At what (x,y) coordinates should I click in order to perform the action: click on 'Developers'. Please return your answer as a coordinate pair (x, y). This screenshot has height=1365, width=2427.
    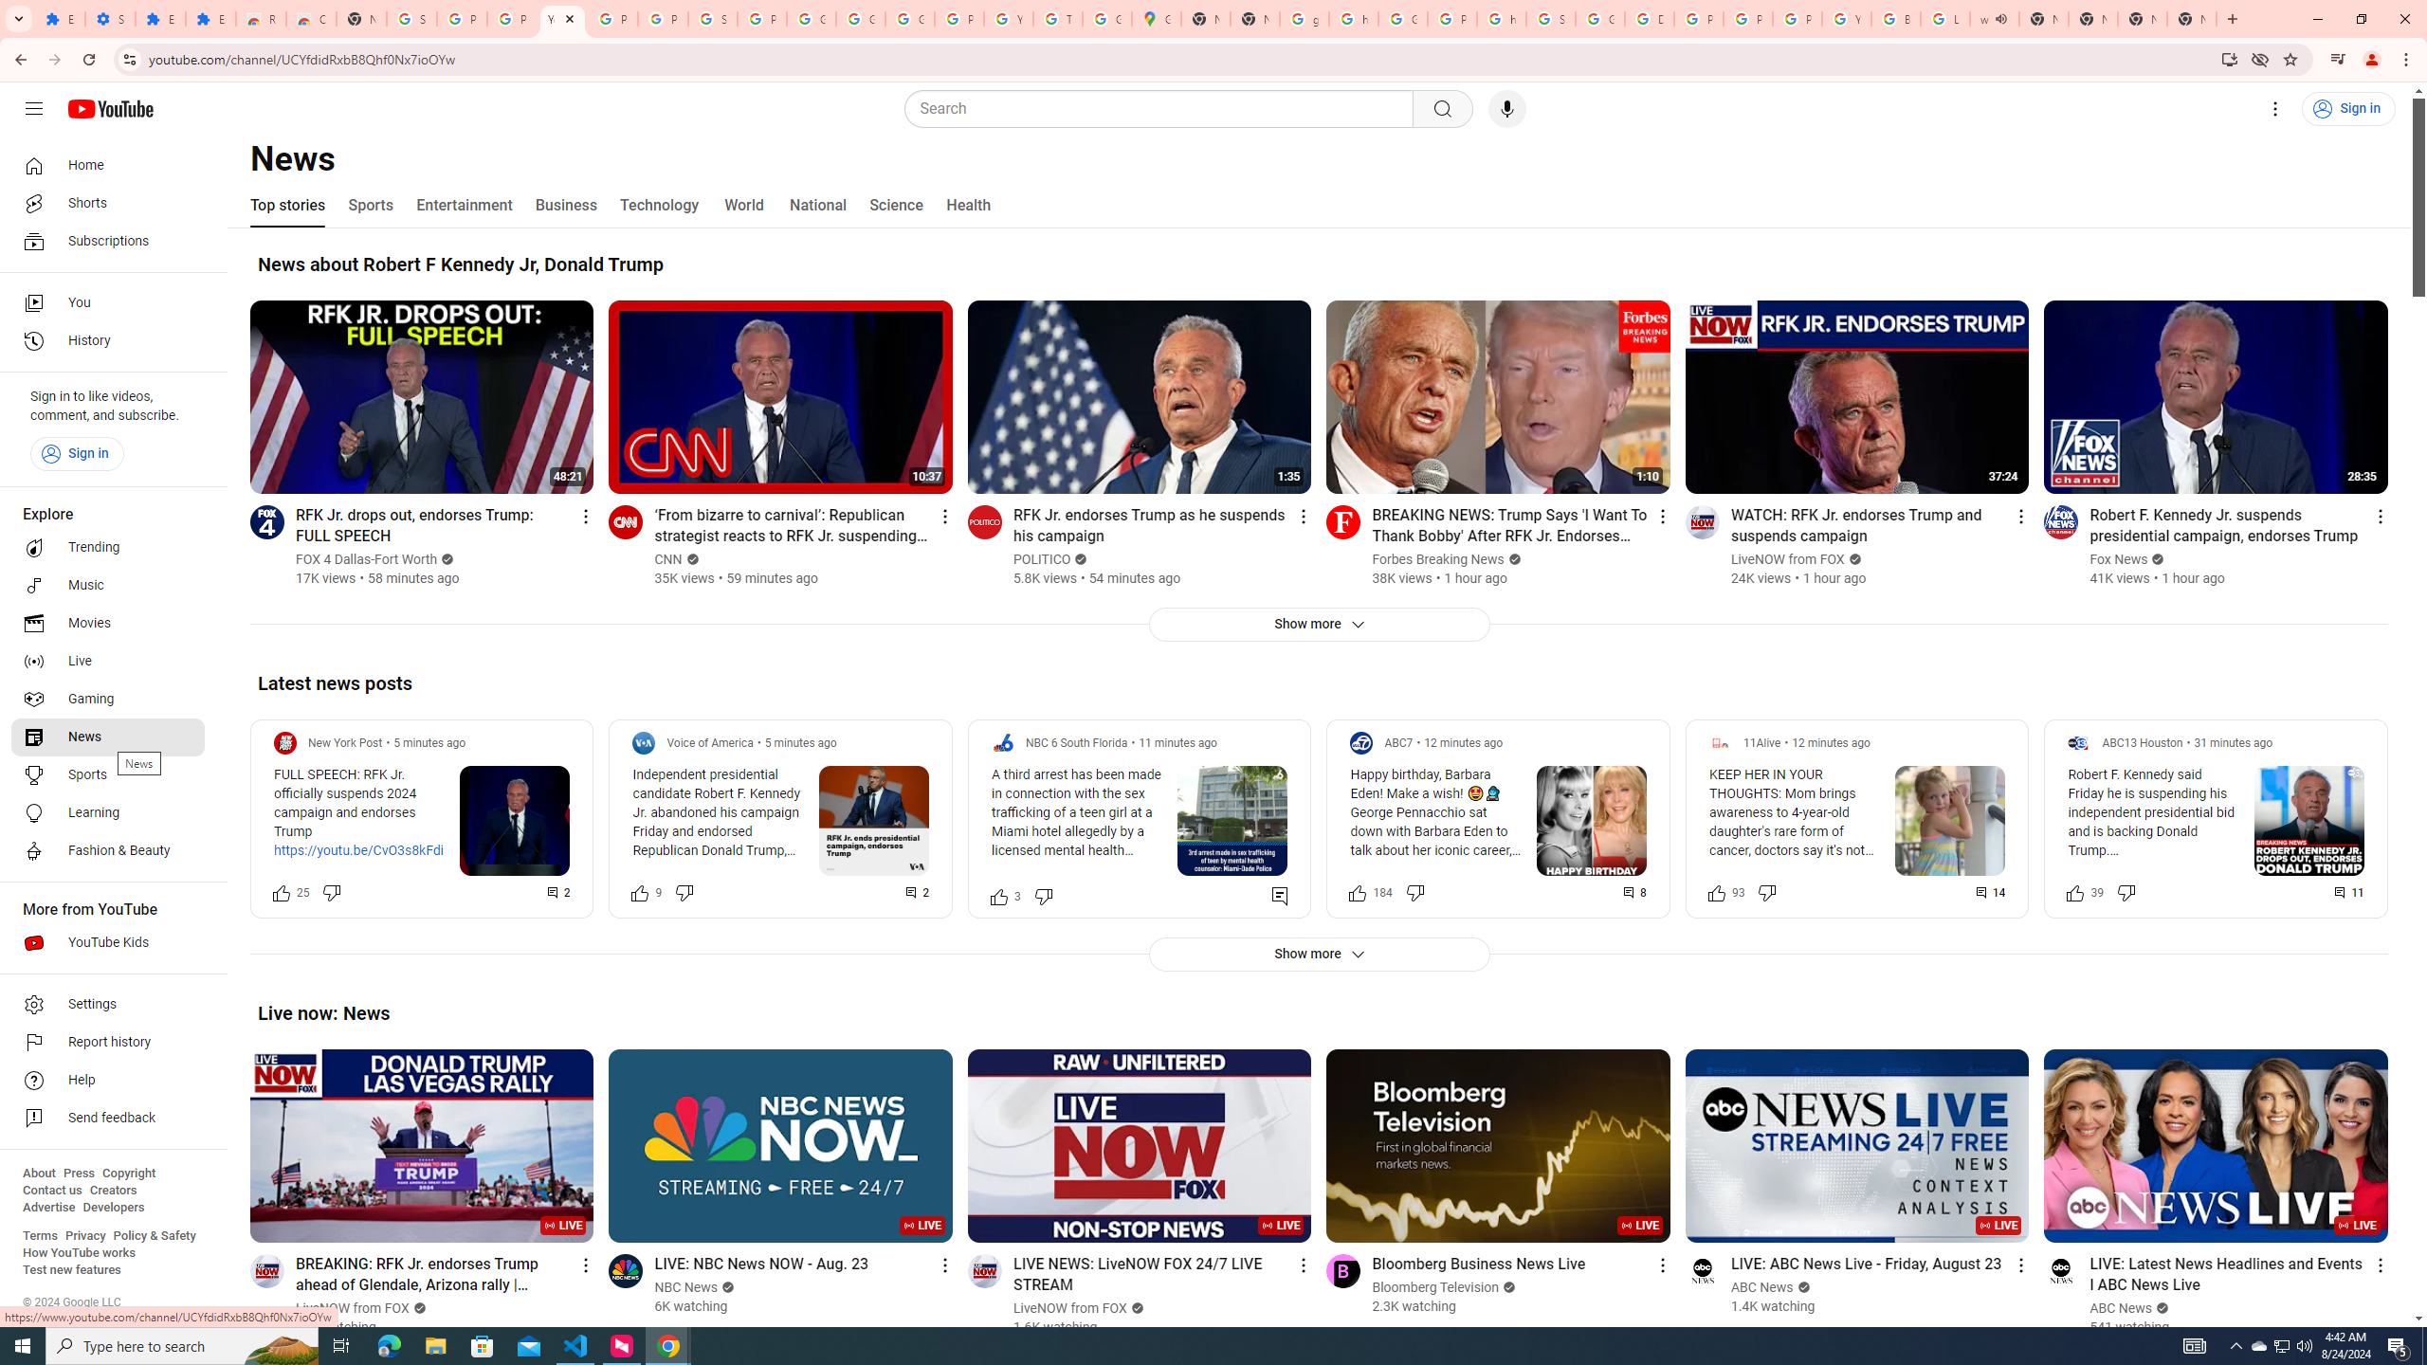
    Looking at the image, I should click on (113, 1206).